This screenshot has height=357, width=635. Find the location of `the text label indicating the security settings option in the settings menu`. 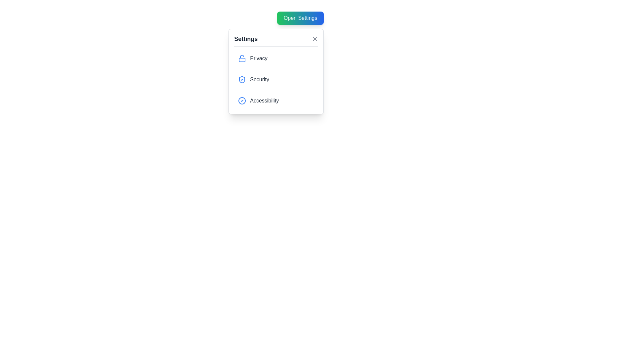

the text label indicating the security settings option in the settings menu is located at coordinates (259, 79).